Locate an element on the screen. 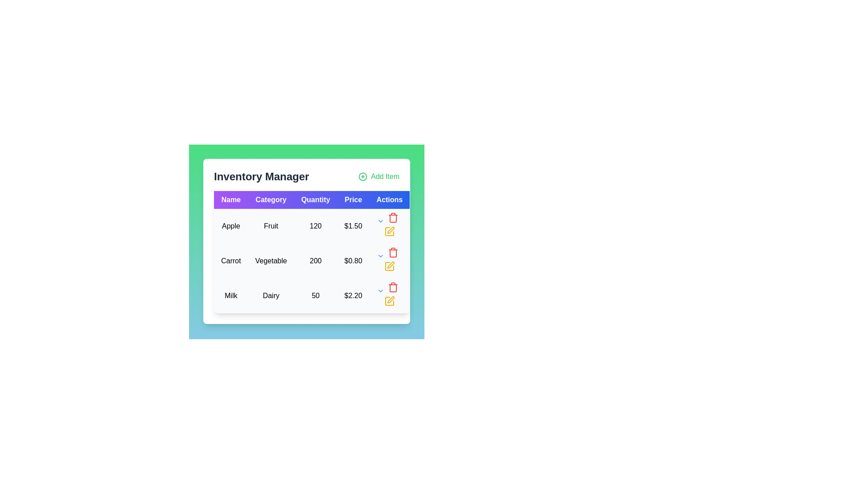 The height and width of the screenshot is (482, 856). the static text displaying the price of the listed item in the inventory, located in the 'Price' column of the second row, next to the quantity value '200' is located at coordinates (353, 261).